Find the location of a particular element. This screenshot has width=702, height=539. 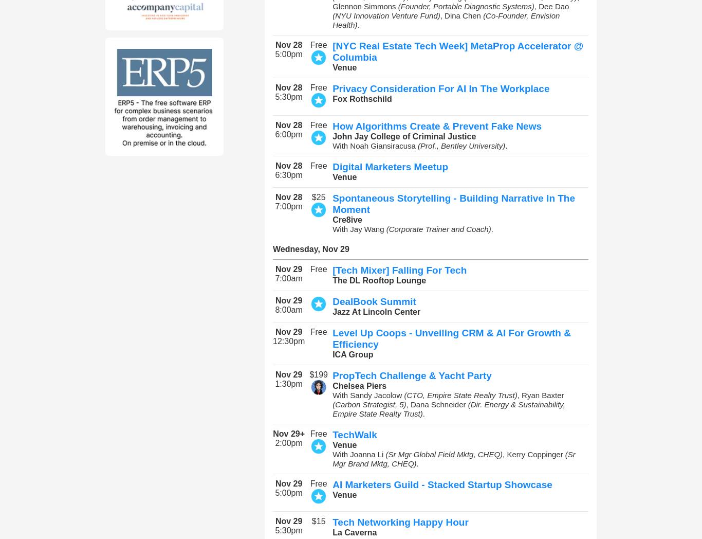

'Level Up Coops - Unveiling CRM & AI For Growth & Efficiency' is located at coordinates (451, 338).